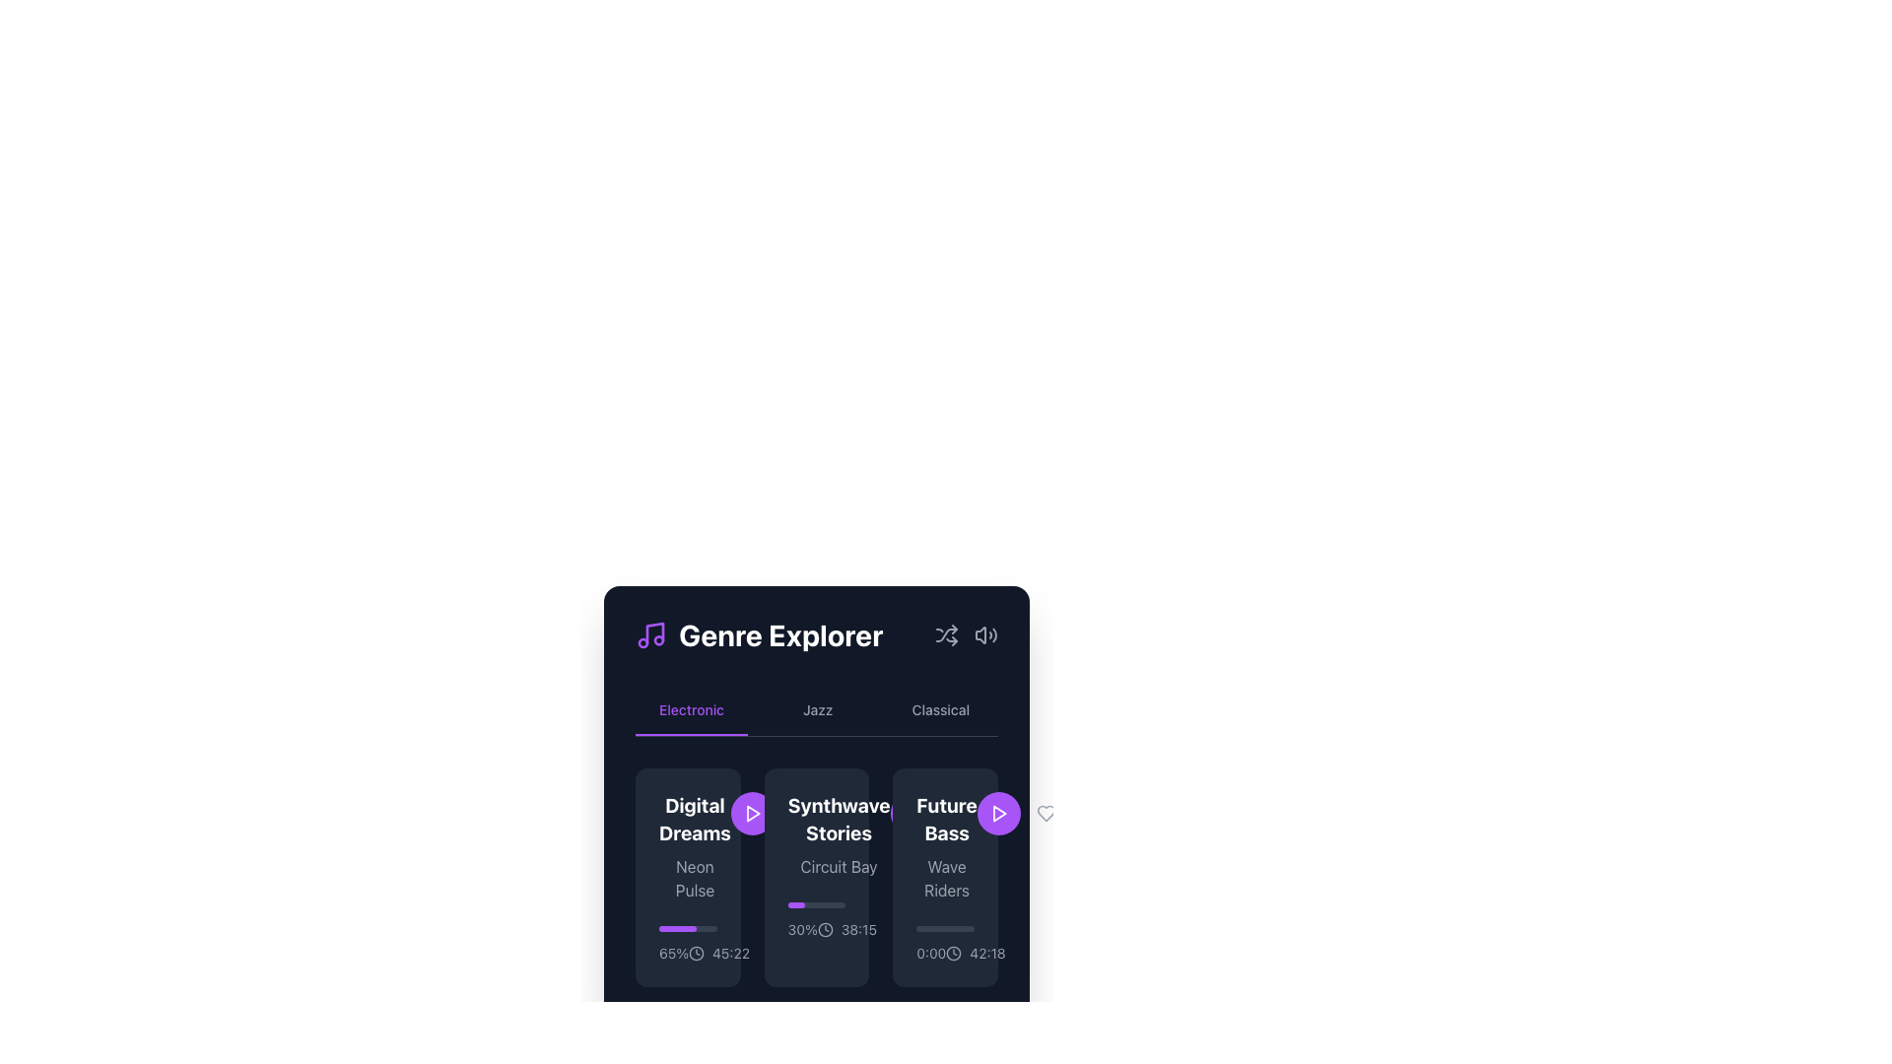 This screenshot has height=1064, width=1892. I want to click on the Play button located at the top-right corner of the Future Bass panel, so click(1033, 813).